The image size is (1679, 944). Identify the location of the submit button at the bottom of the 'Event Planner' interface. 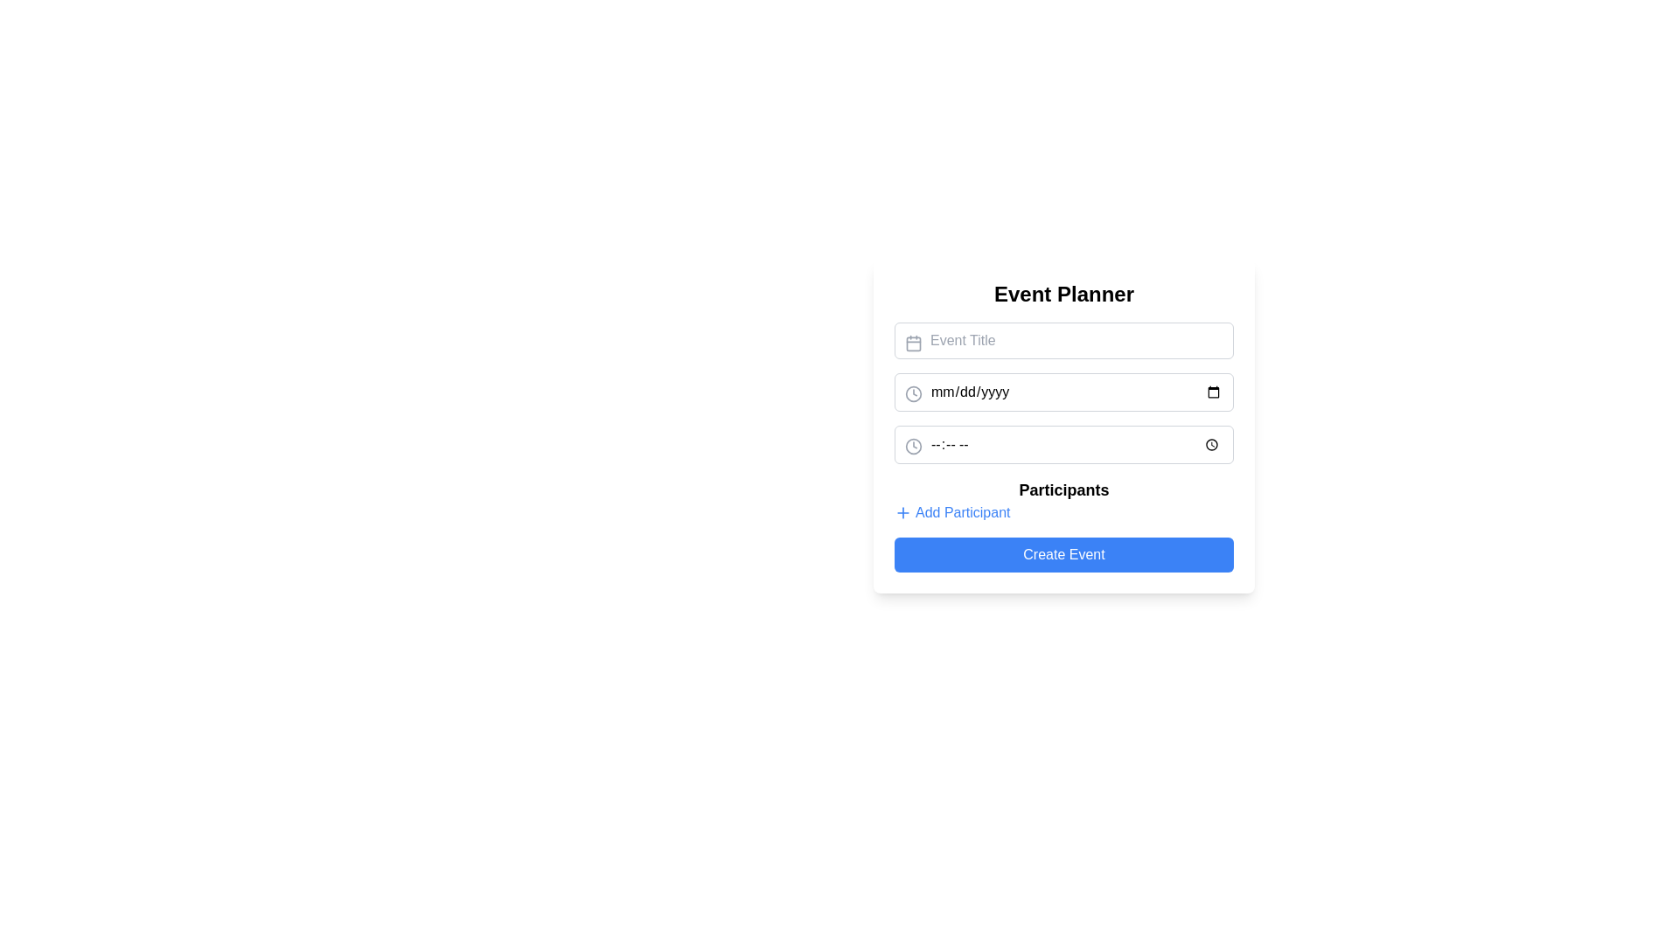
(1063, 555).